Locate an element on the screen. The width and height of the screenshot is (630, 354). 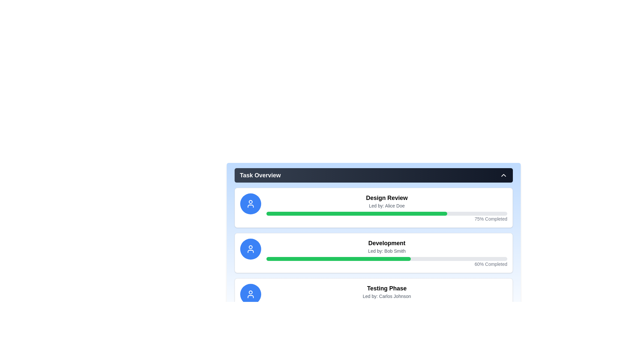
icon located at the top-left part of the project details card, which indicates the user or user-related entity for the task labeled 'Development' is located at coordinates (250, 249).